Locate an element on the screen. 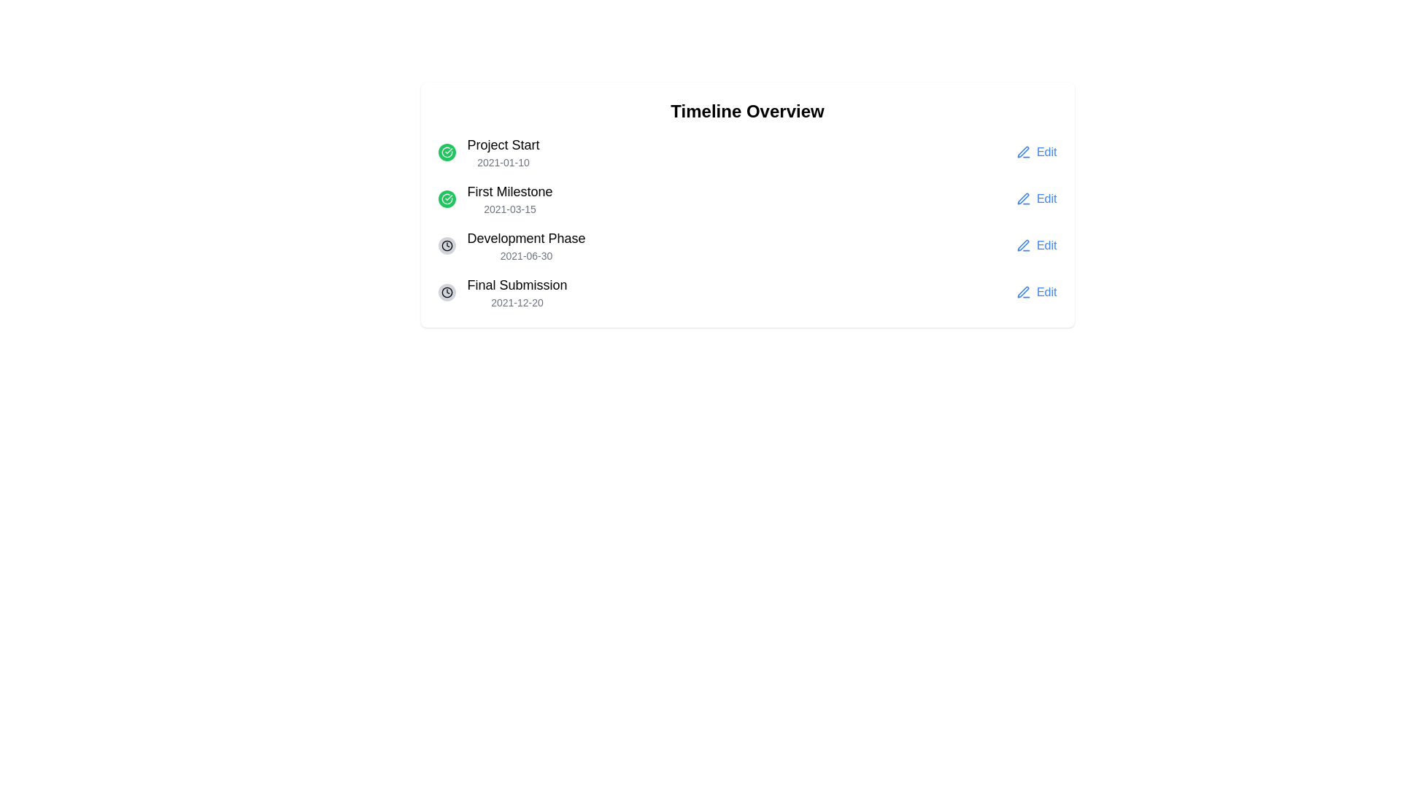 Image resolution: width=1401 pixels, height=788 pixels. text of the final submission milestone in the project timeline, which is displayed below the 'Development Phase' entry in the list on the left-hand side of the interface under the header 'Timeline Overview' is located at coordinates (517, 293).